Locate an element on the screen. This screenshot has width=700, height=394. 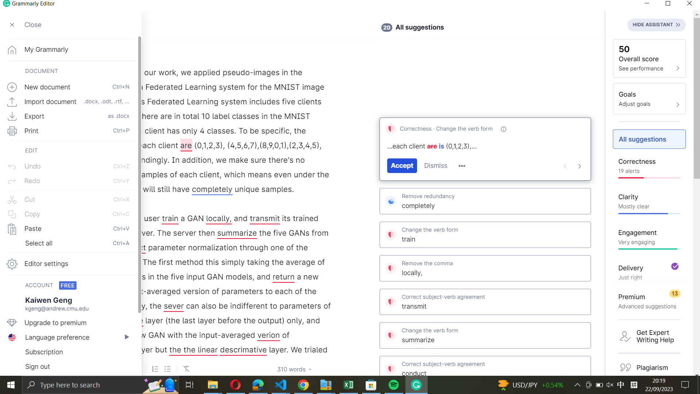
Bring in the document is located at coordinates (69, 100).